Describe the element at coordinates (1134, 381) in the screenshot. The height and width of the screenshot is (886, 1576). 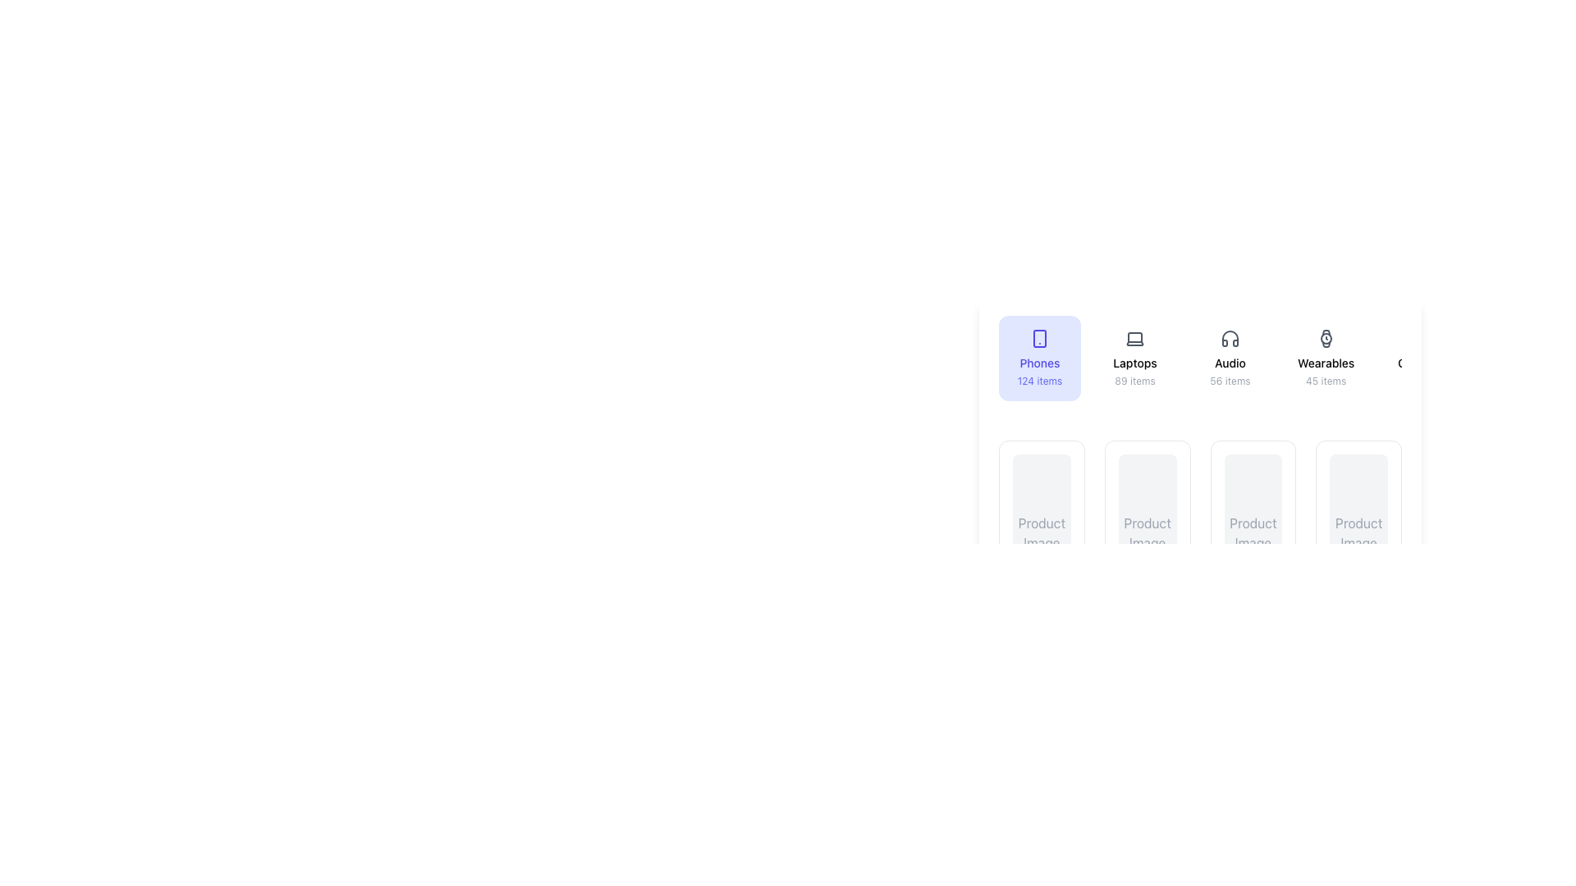
I see `the text label displaying '89 items' located below the word 'Laptops' in a clickable section` at that location.